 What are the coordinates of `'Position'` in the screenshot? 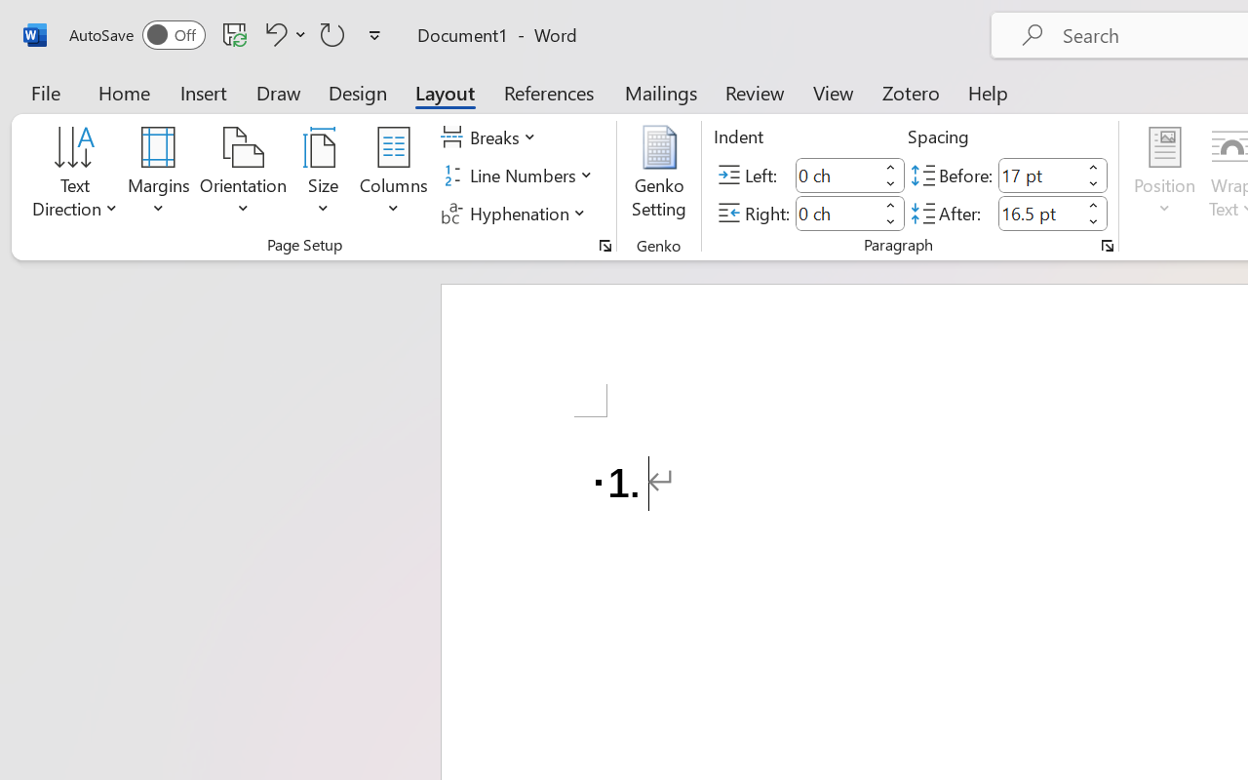 It's located at (1164, 175).